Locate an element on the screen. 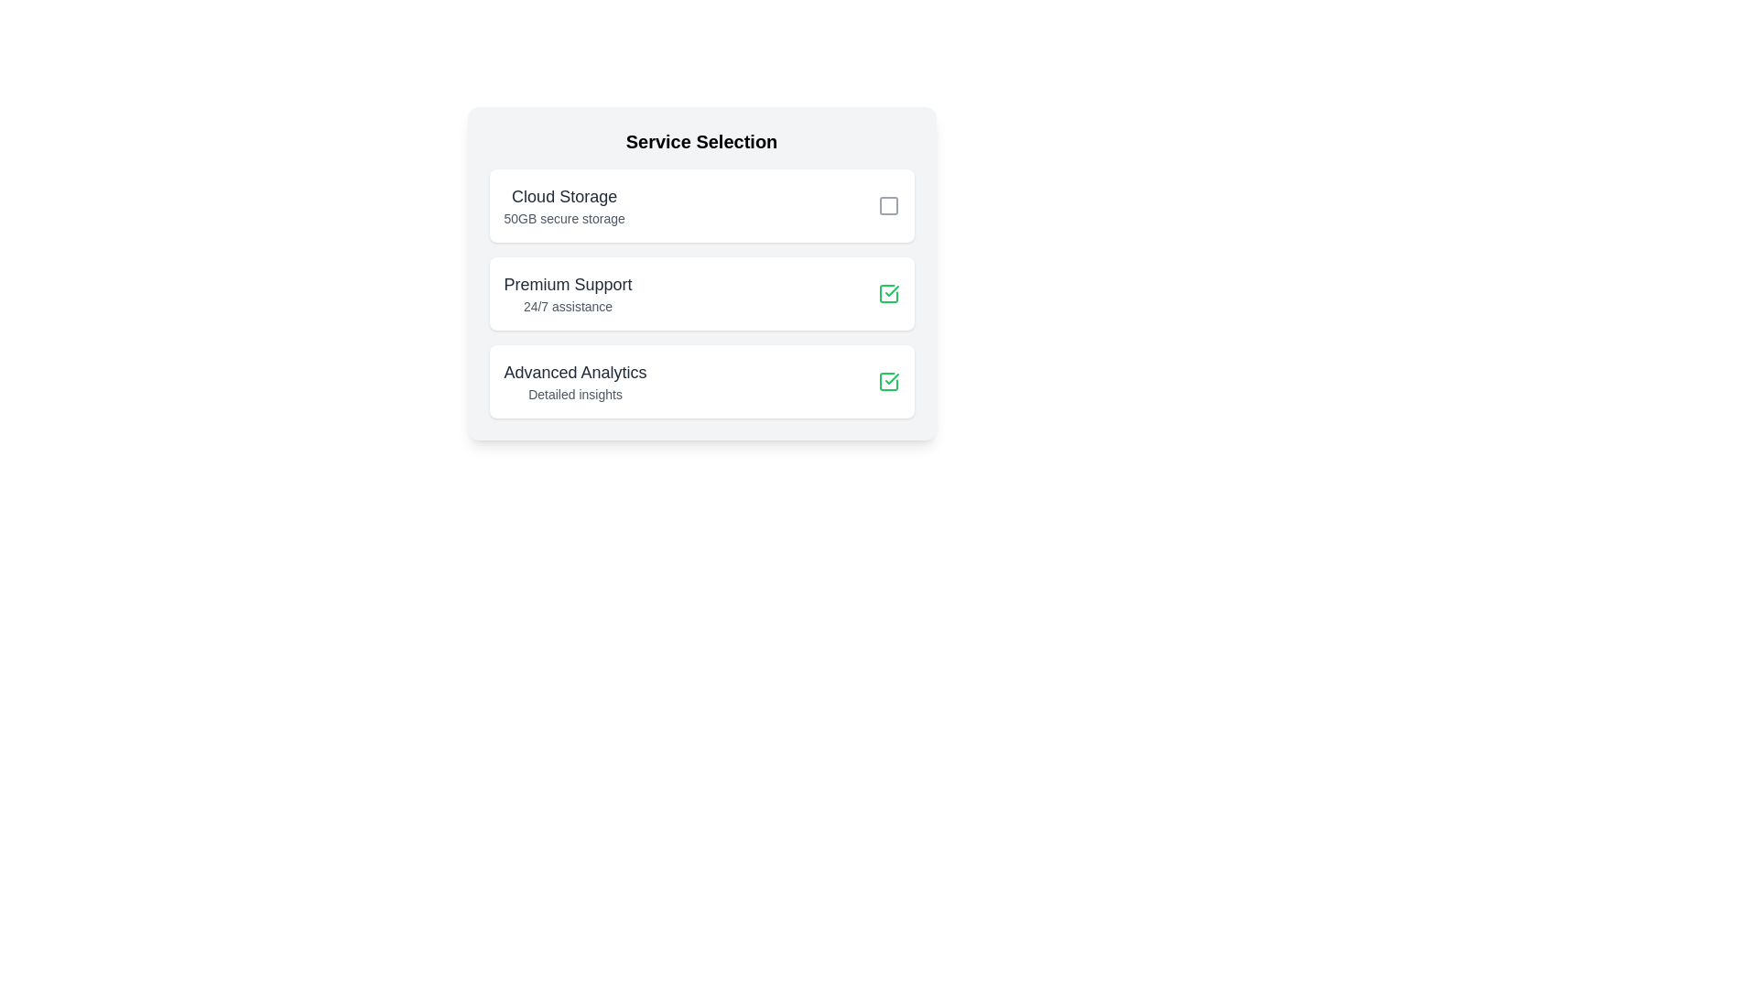  the square-shaped icon button styled for selection located at the far right of the 'Cloud Storage' list item is located at coordinates (888, 205).